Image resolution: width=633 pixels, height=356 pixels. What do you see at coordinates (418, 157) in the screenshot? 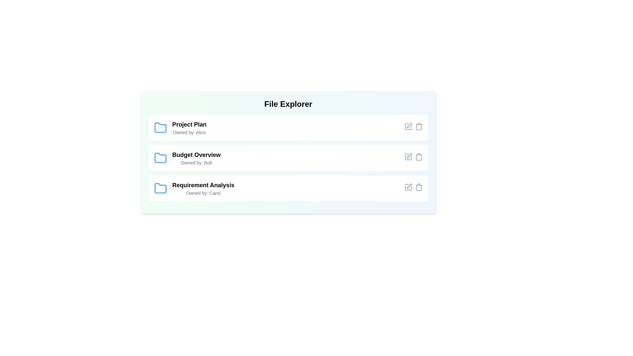
I see `delete button for the file named Budget Overview` at bounding box center [418, 157].